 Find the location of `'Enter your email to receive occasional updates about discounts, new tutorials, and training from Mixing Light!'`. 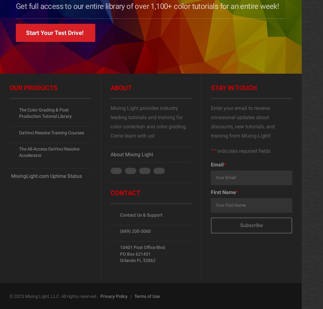

'Enter your email to receive occasional updates about discounts, new tutorials, and training from Mixing Light!' is located at coordinates (243, 121).